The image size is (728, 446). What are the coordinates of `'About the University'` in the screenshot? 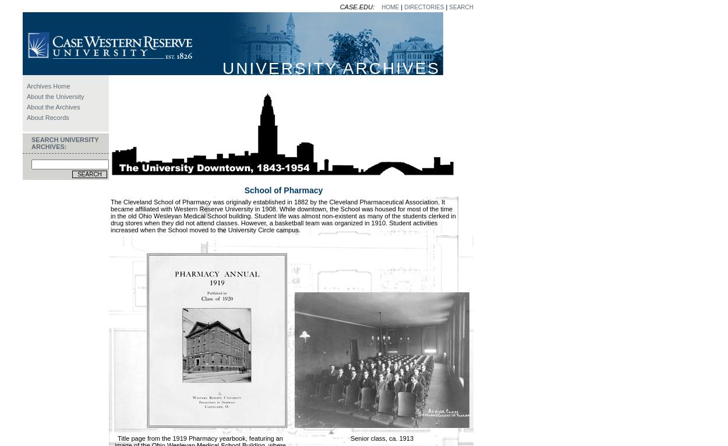 It's located at (55, 95).